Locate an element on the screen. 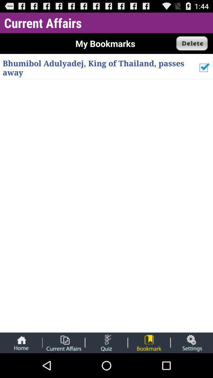  take quiz is located at coordinates (106, 342).